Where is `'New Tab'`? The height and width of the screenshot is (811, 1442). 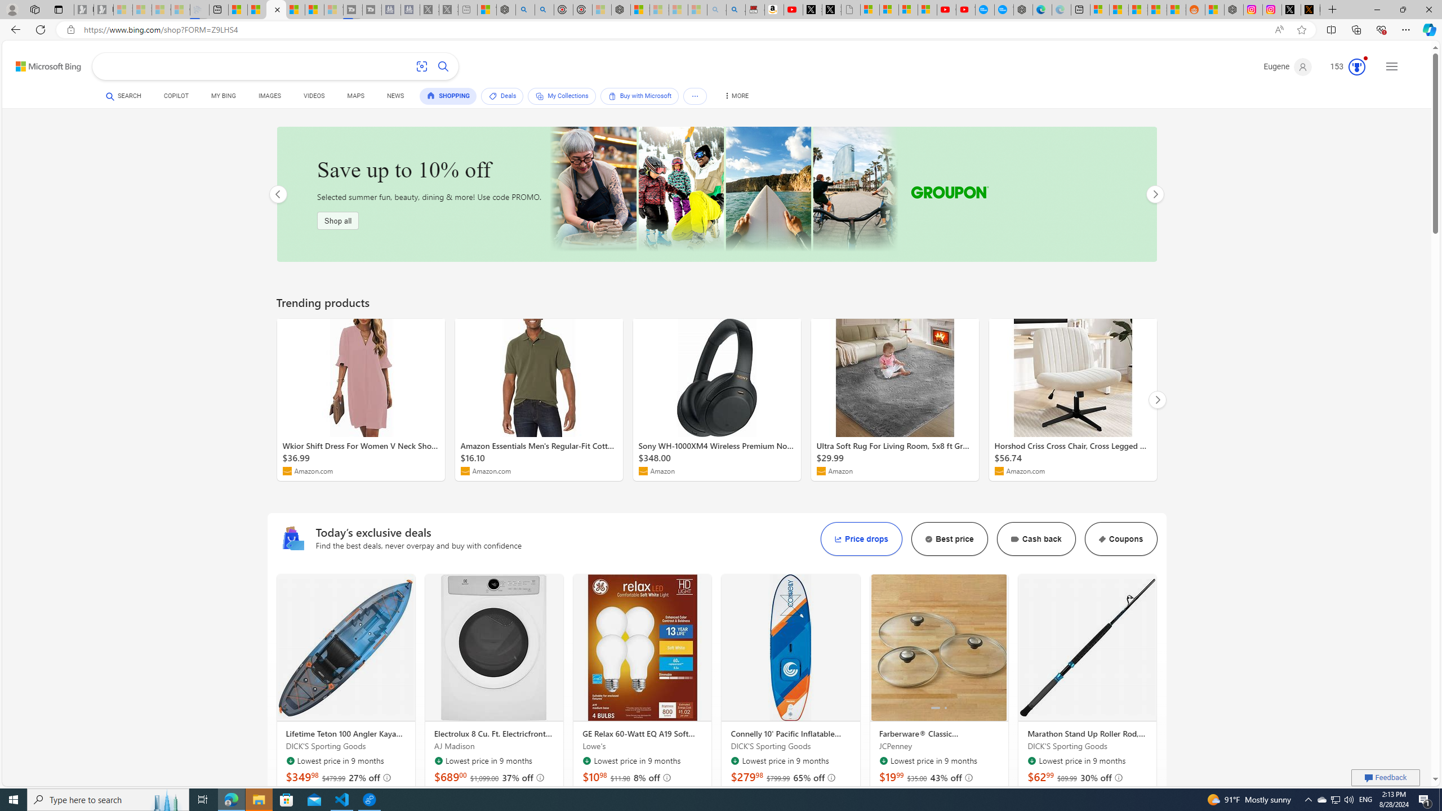
'New Tab' is located at coordinates (1332, 9).